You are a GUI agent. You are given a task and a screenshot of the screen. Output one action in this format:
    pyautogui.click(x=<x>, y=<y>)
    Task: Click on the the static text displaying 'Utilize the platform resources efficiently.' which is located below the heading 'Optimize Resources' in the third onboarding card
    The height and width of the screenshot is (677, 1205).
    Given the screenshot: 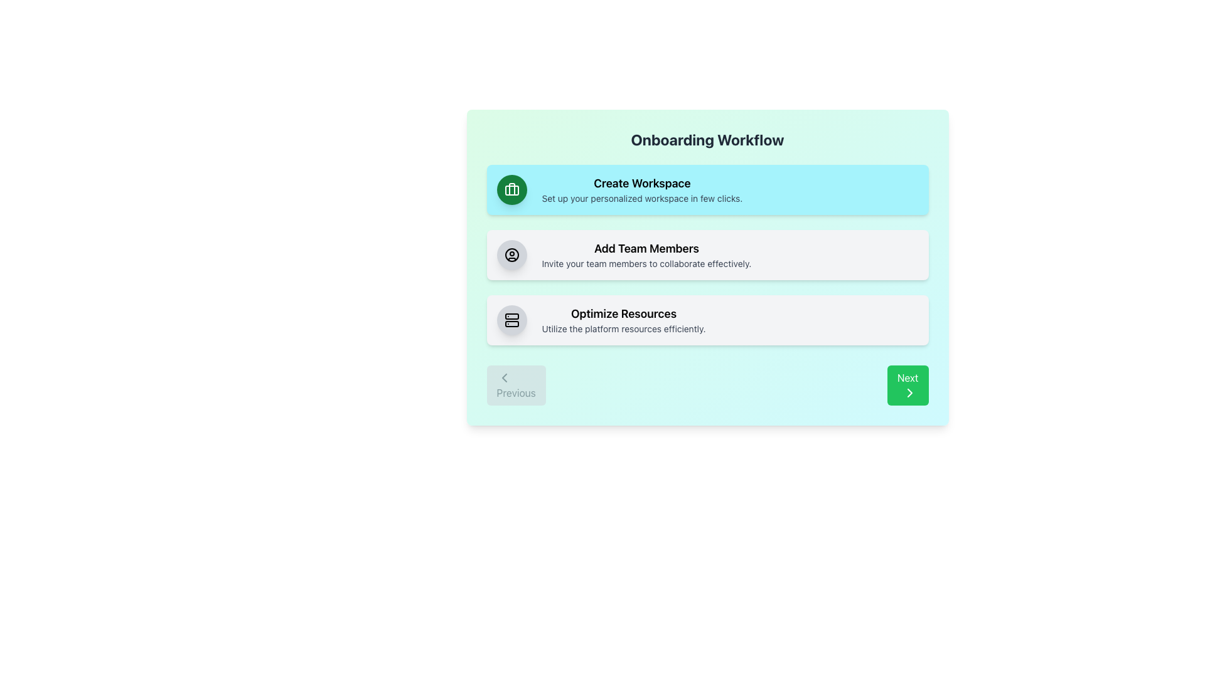 What is the action you would take?
    pyautogui.click(x=623, y=328)
    